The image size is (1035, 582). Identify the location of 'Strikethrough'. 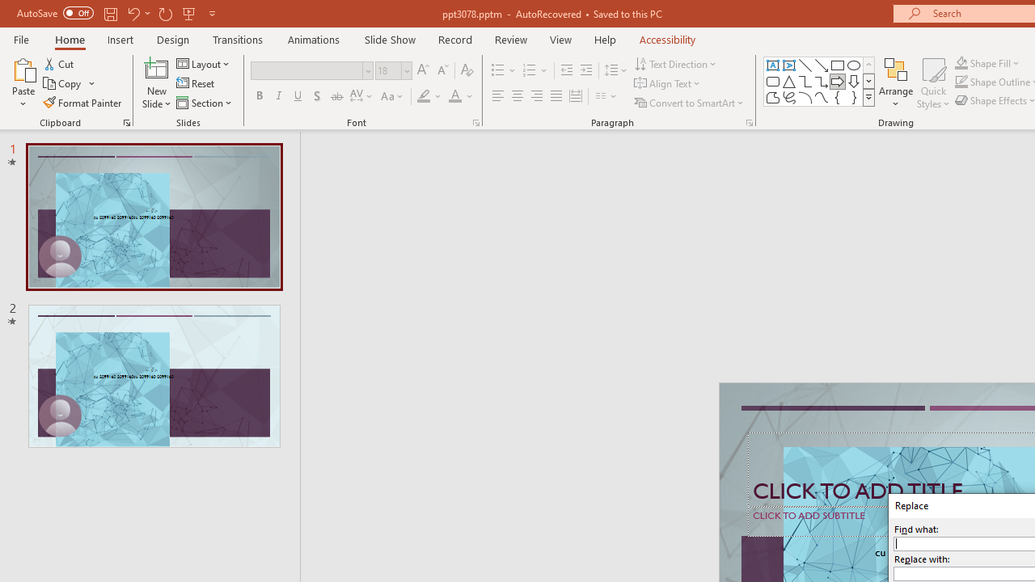
(336, 96).